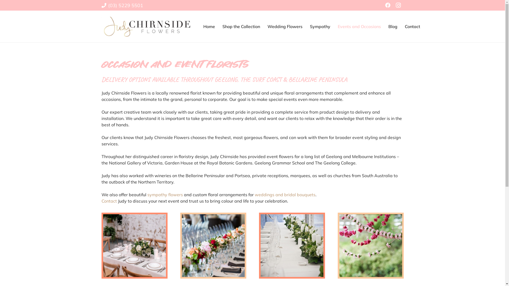 Image resolution: width=509 pixels, height=286 pixels. Describe the element at coordinates (241, 26) in the screenshot. I see `'Shop the Collection'` at that location.